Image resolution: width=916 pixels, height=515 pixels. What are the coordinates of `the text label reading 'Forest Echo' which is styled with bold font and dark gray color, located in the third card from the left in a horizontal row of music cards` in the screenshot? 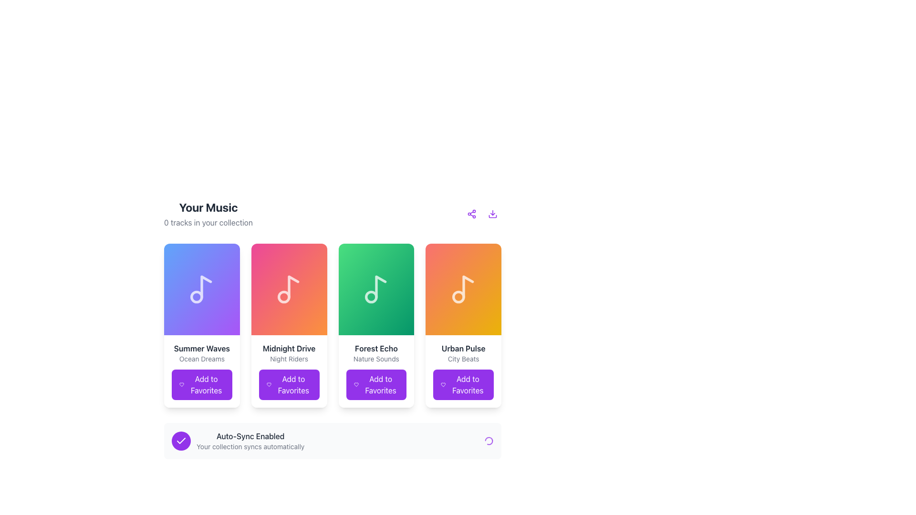 It's located at (375, 349).